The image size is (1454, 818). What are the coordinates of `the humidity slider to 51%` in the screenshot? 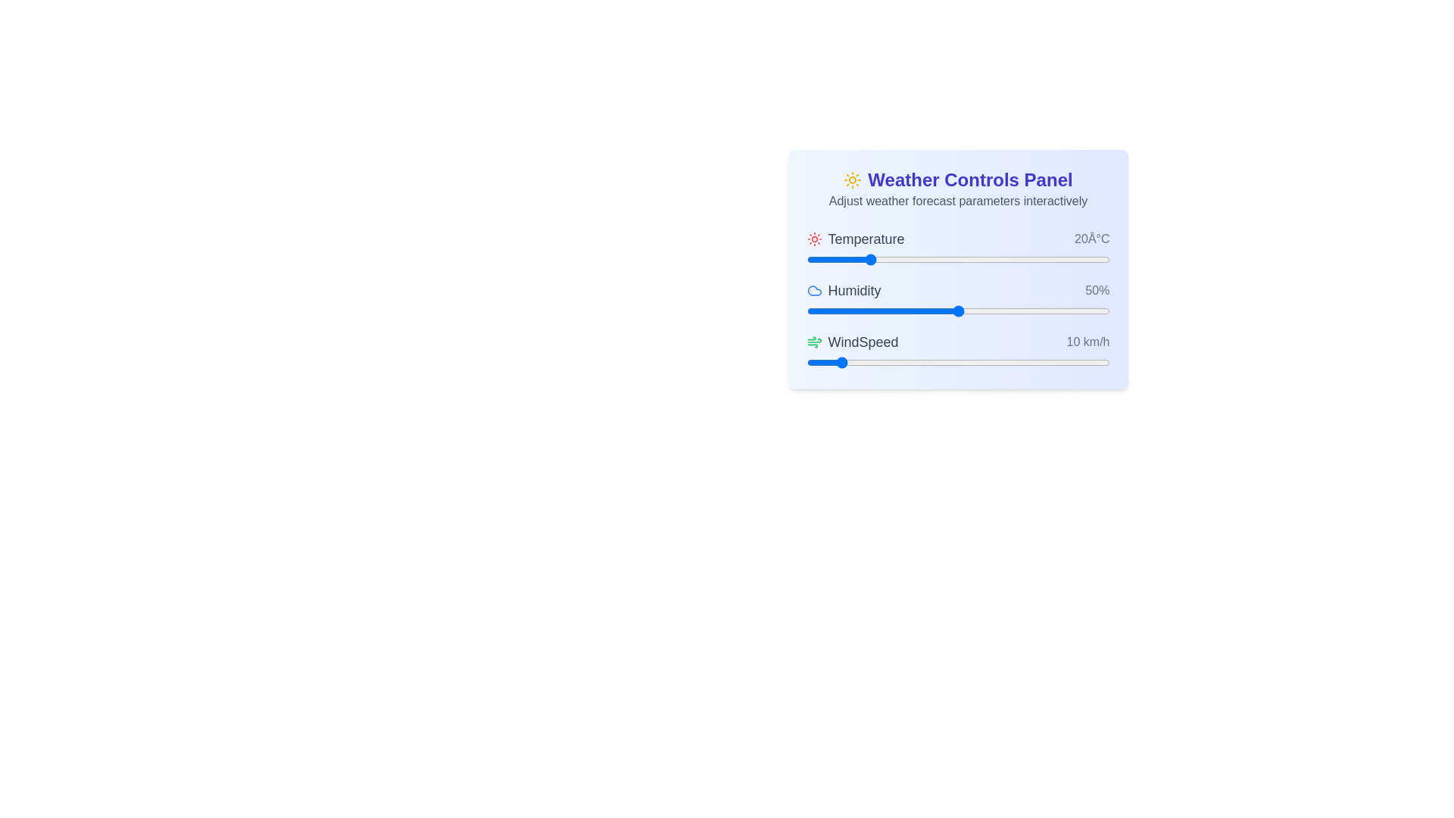 It's located at (960, 311).